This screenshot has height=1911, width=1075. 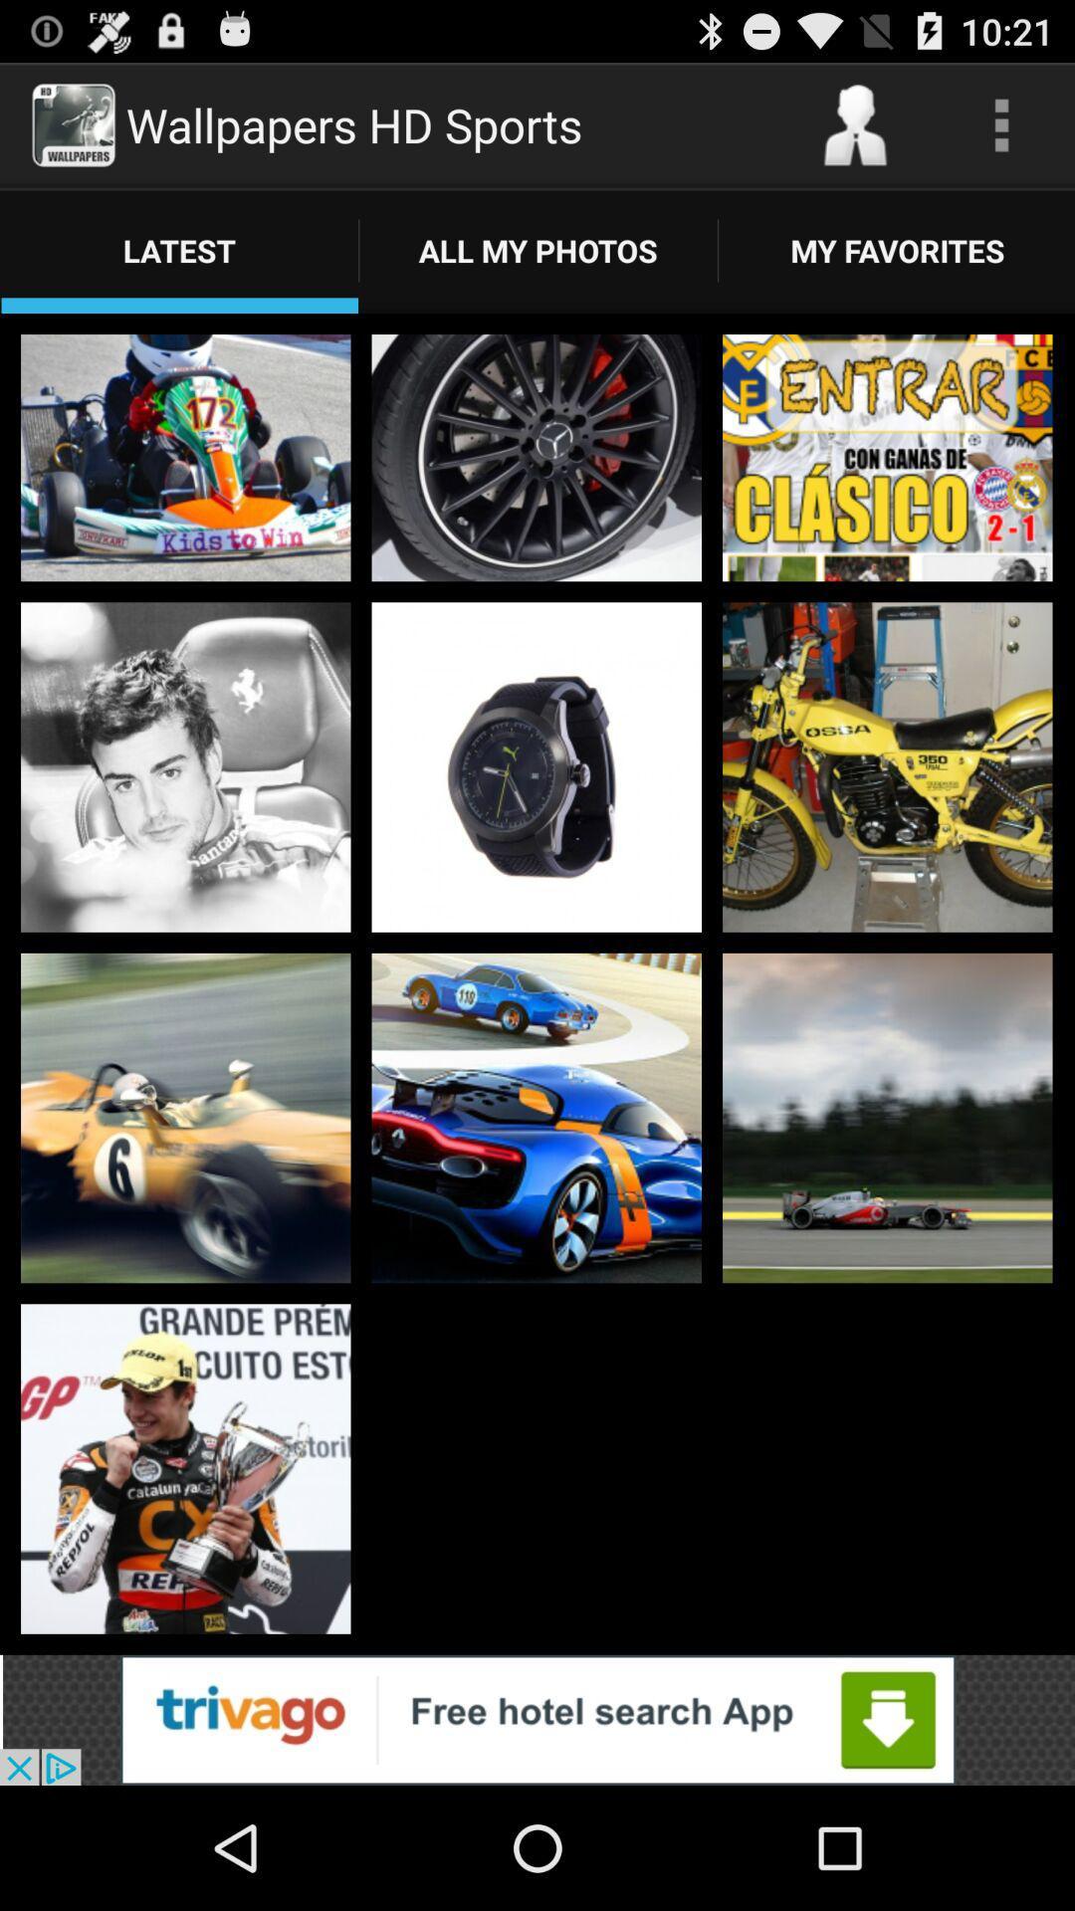 I want to click on opens advertisement, so click(x=537, y=1719).